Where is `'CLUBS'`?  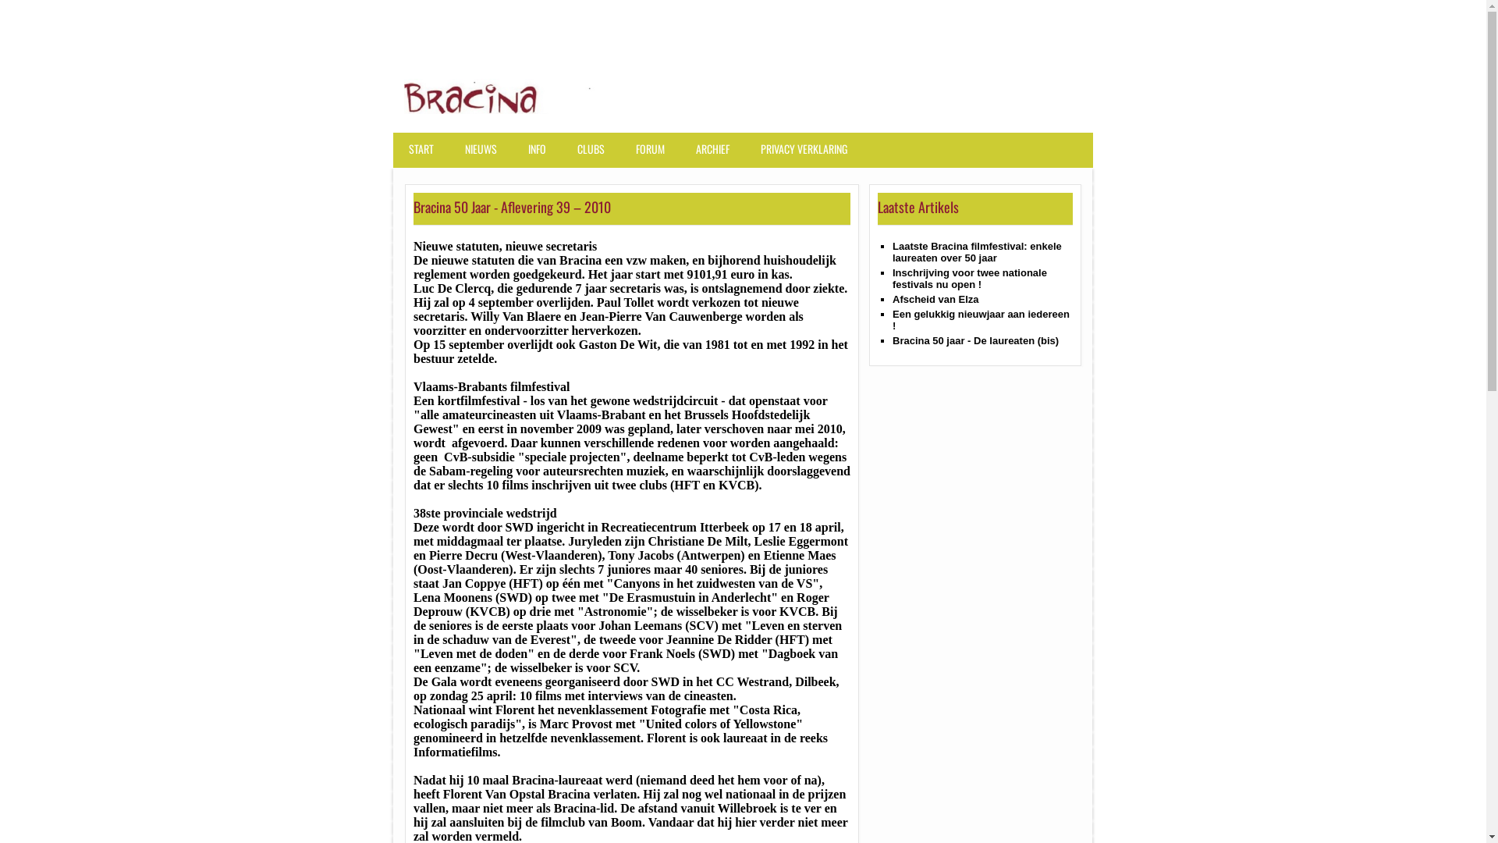 'CLUBS' is located at coordinates (570, 156).